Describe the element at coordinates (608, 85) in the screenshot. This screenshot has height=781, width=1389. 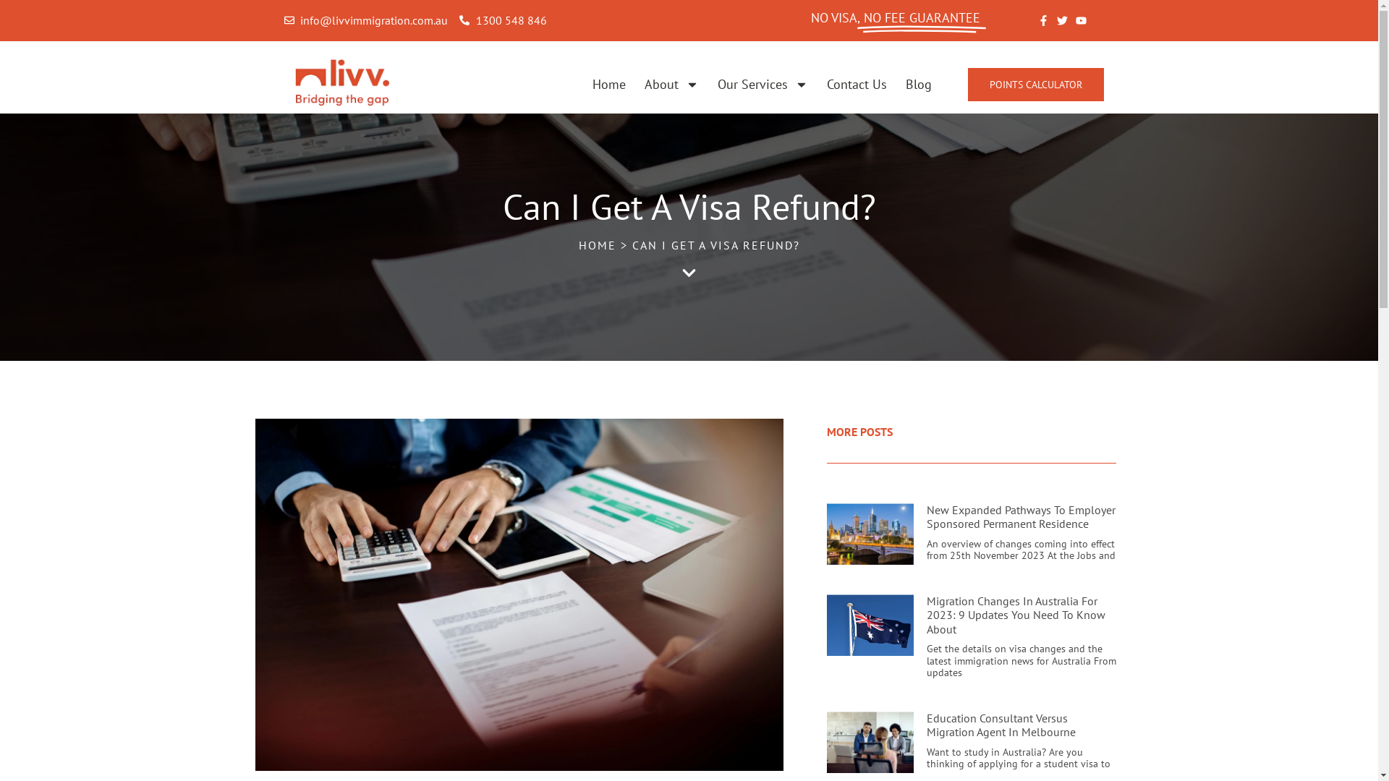
I see `'Home'` at that location.